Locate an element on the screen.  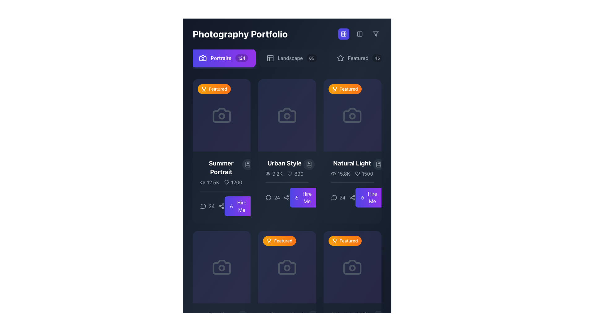
the share icon button located in the second row of the 'Urban Style' card is located at coordinates (286, 198).